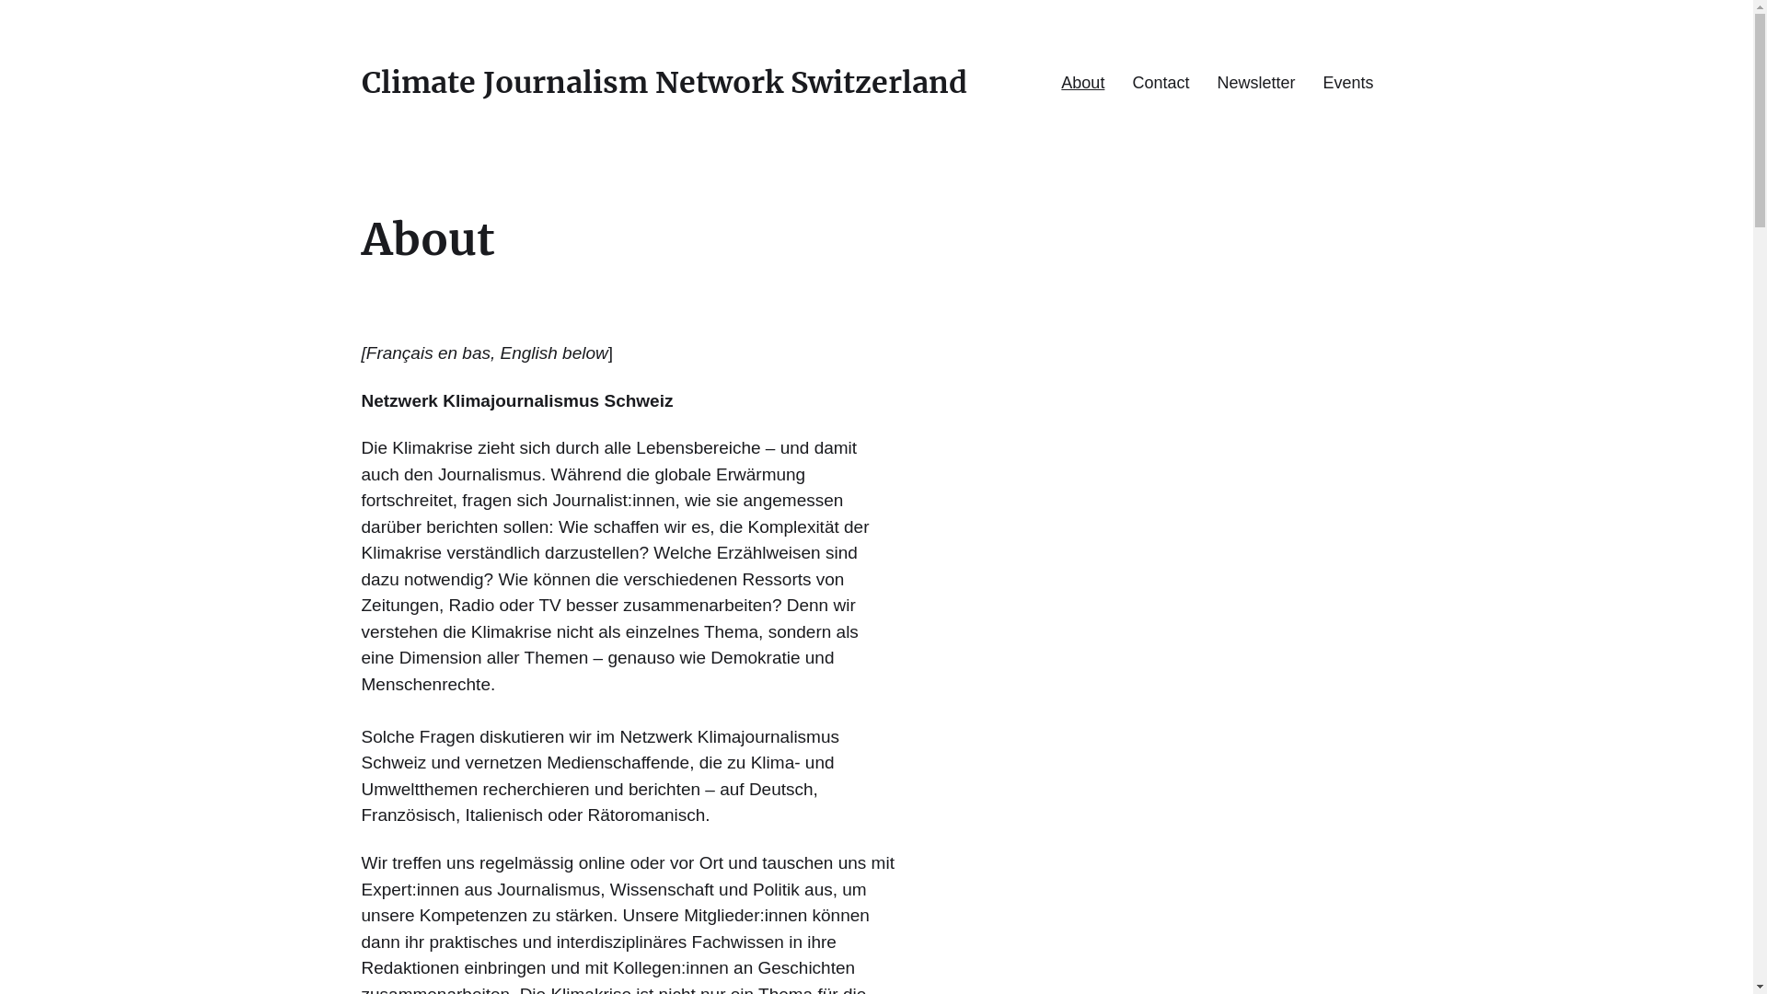  What do you see at coordinates (1347, 81) in the screenshot?
I see `'Events'` at bounding box center [1347, 81].